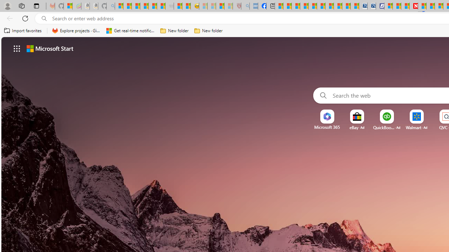 The image size is (449, 252). Describe the element at coordinates (228, 6) in the screenshot. I see `'12 Popular Science Lies that Must be Corrected - Sleeping'` at that location.